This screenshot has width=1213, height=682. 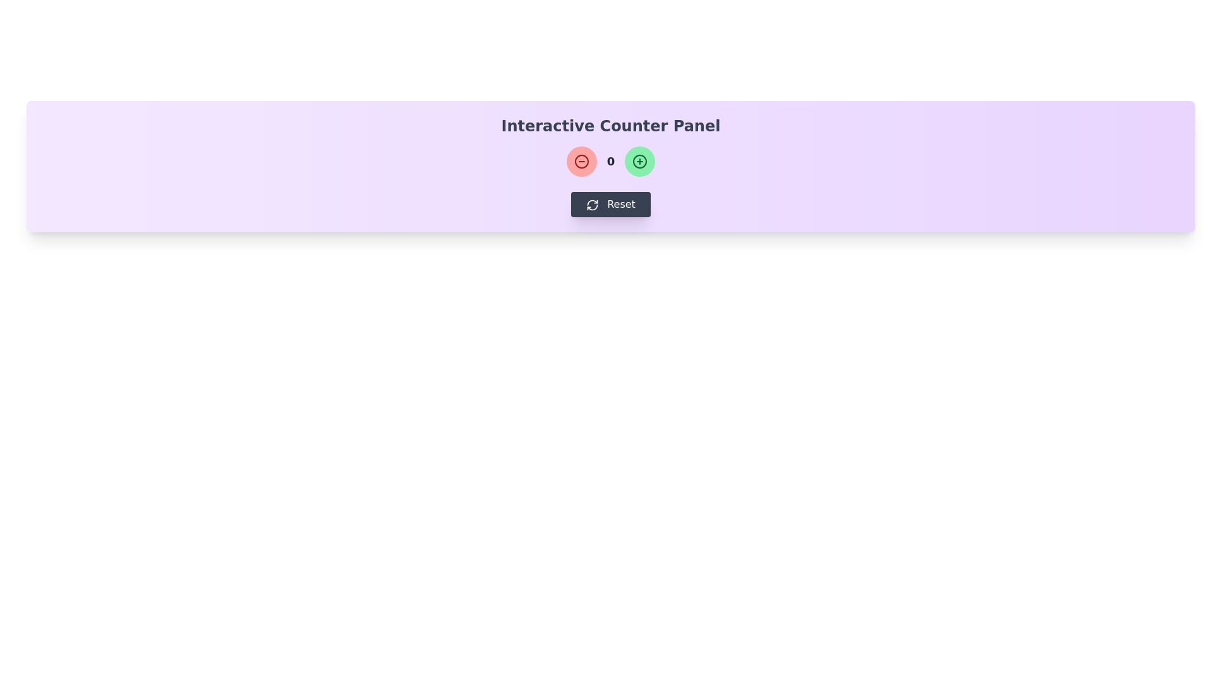 What do you see at coordinates (640, 160) in the screenshot?
I see `the increment button located to the right of the numeric display labeled '0'` at bounding box center [640, 160].